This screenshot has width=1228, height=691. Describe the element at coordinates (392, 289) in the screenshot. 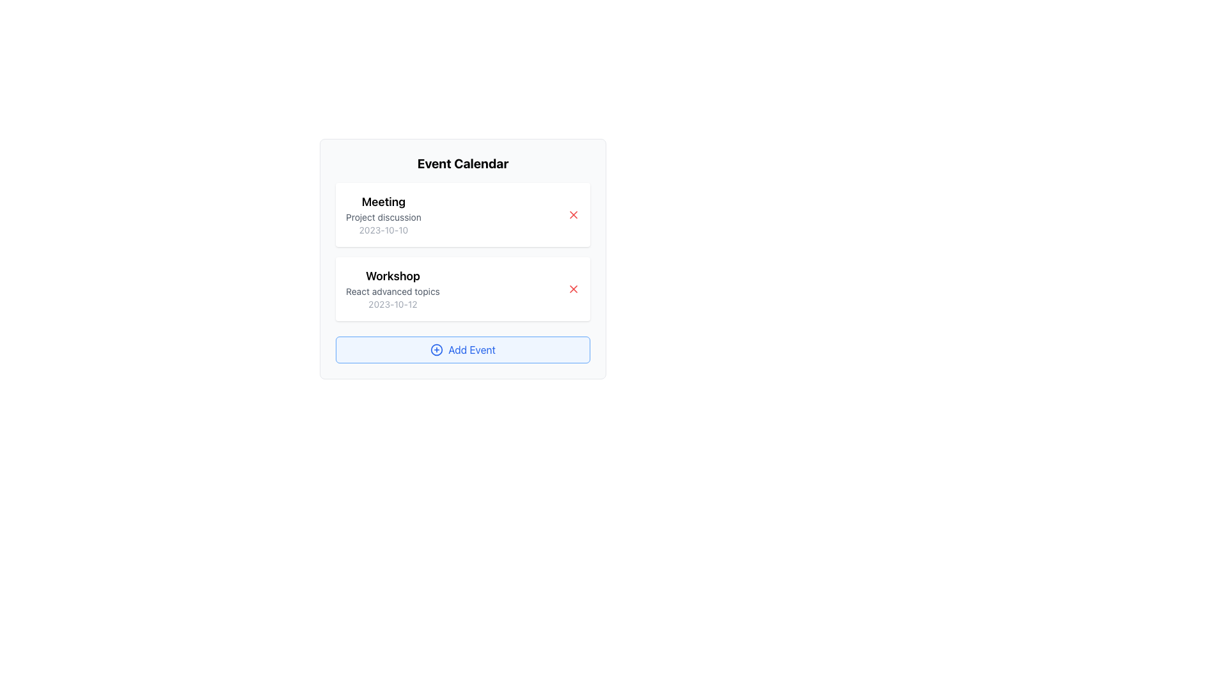

I see `the event title 'Workshop' in the Text display block` at that location.